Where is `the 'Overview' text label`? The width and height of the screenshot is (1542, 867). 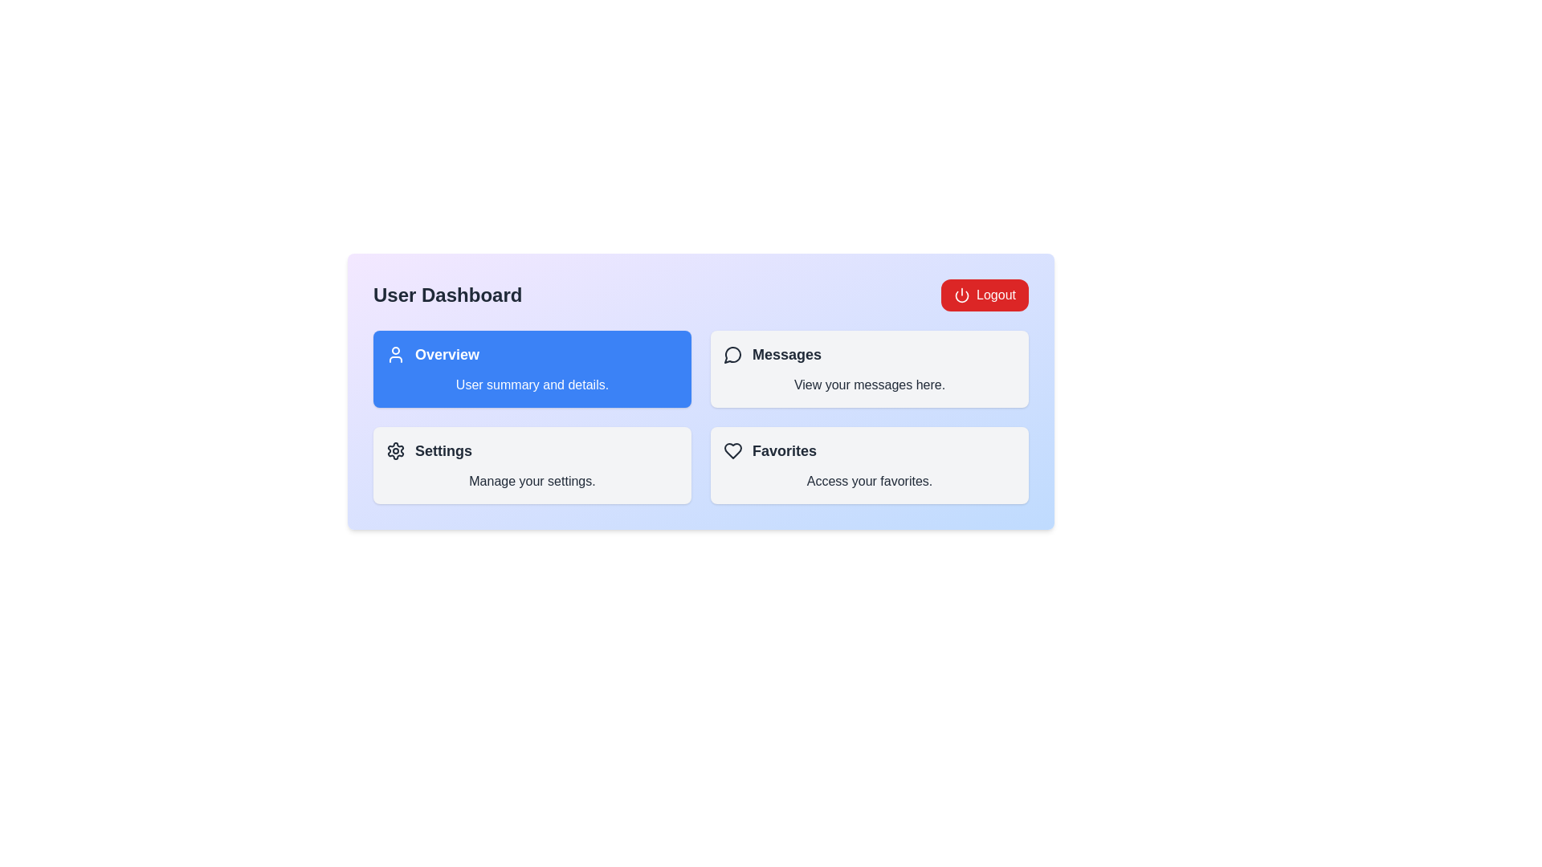 the 'Overview' text label is located at coordinates (447, 354).